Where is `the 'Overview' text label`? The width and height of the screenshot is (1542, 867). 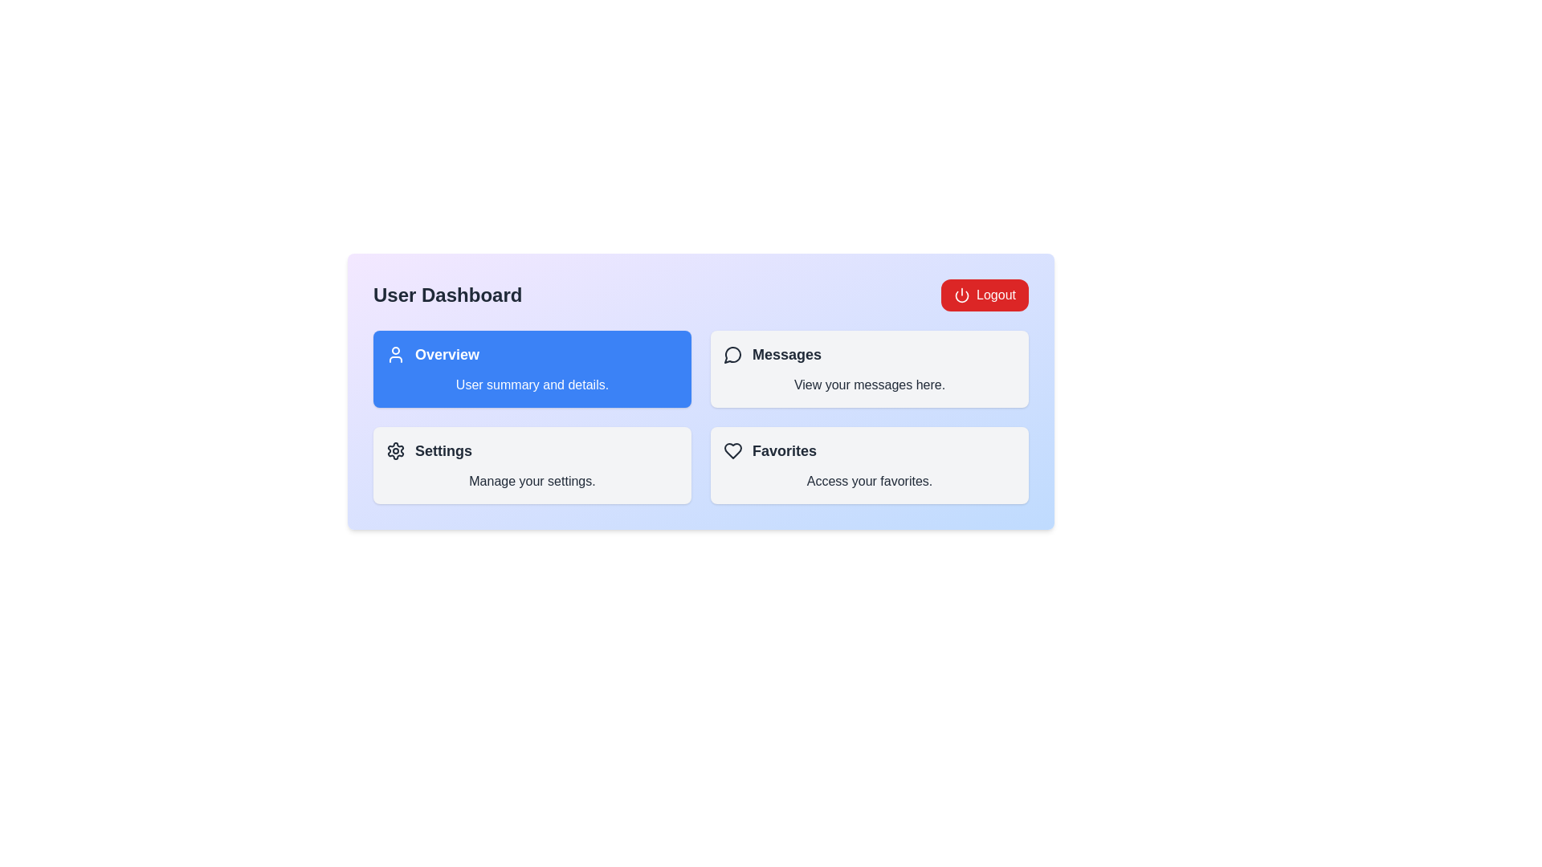 the 'Overview' text label is located at coordinates (447, 354).